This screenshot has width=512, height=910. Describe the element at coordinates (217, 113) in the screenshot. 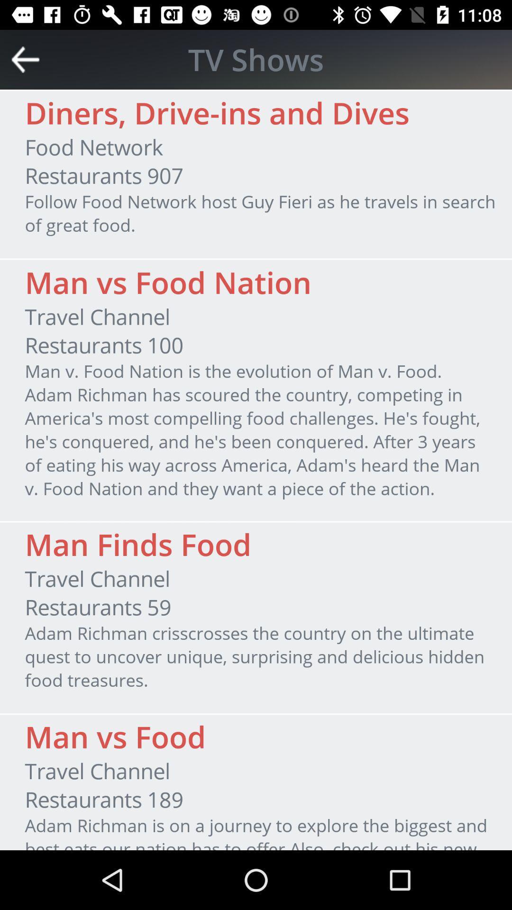

I see `the diners drive ins` at that location.